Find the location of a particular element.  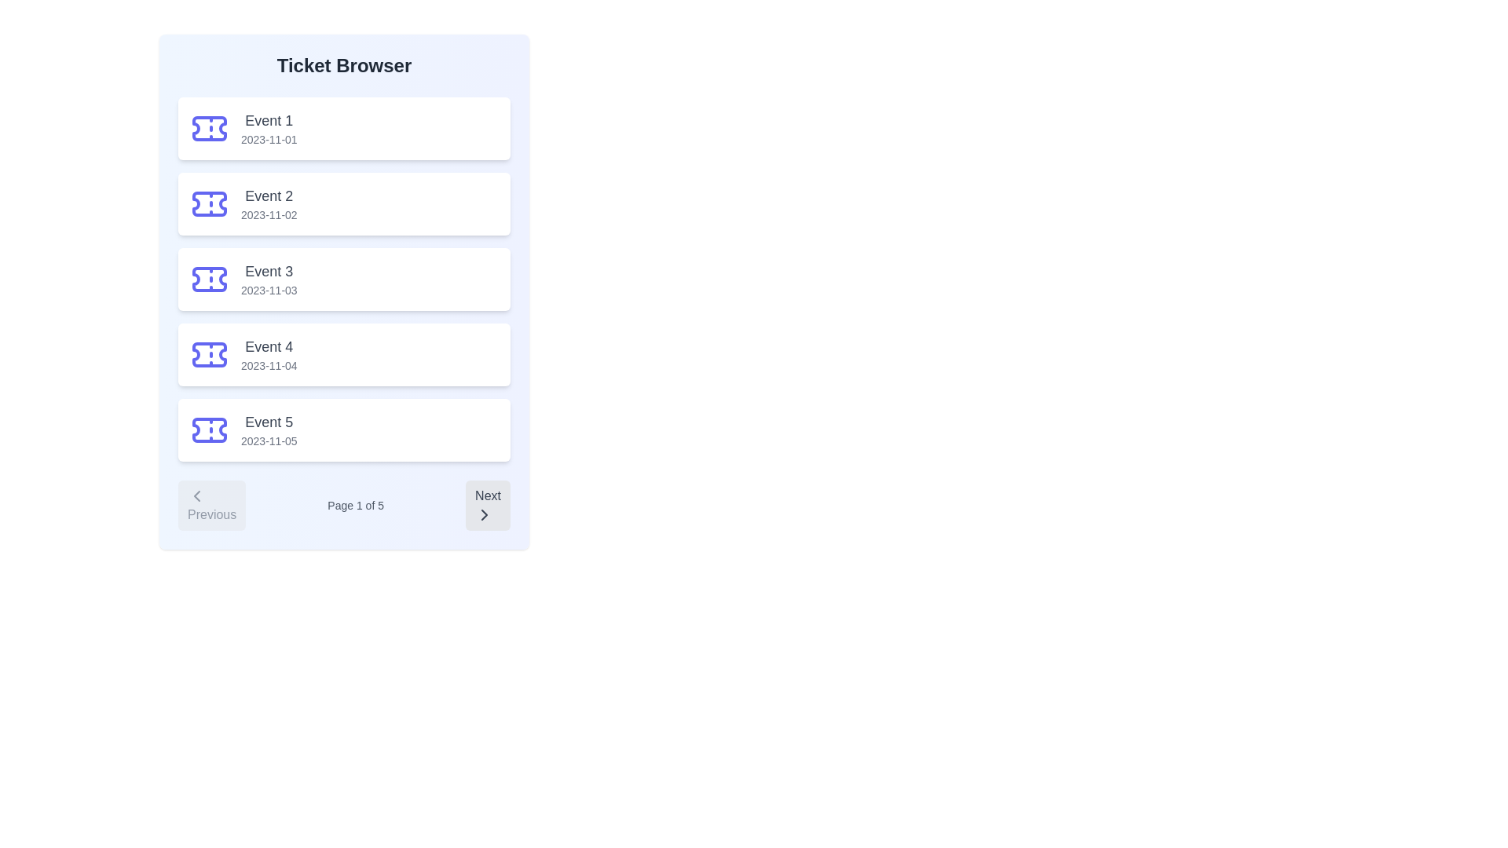

the Text label displaying the date for 'Event 5', which is located beneath the 'Event 5' label and at the bottom of a list of similar entries is located at coordinates (269, 441).